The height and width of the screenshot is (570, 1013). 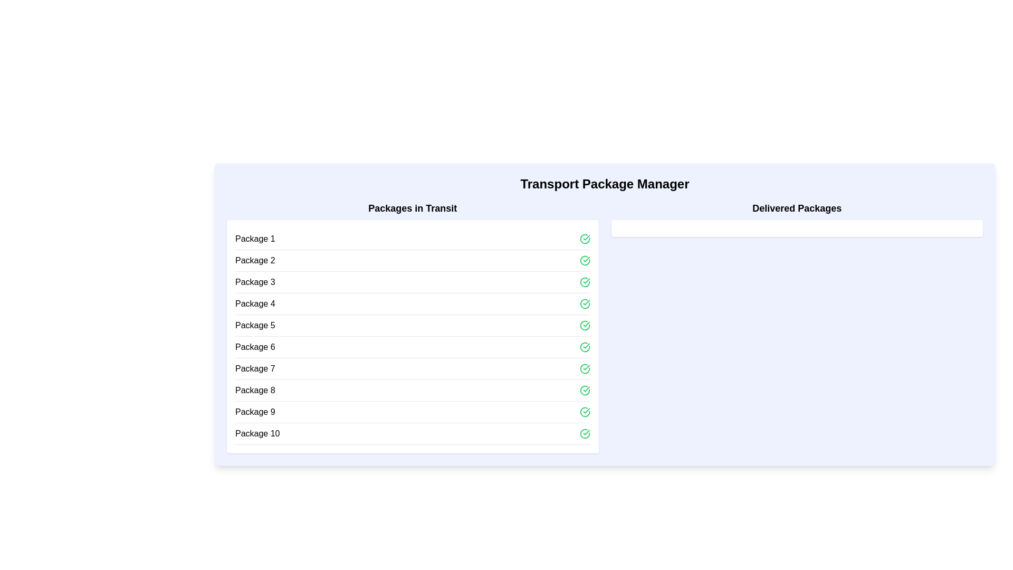 What do you see at coordinates (584, 303) in the screenshot?
I see `the interactive icon located to the far right of the row labeled 'Package 4' in the 'Packages in Transit' section to initiate or confirm an action` at bounding box center [584, 303].